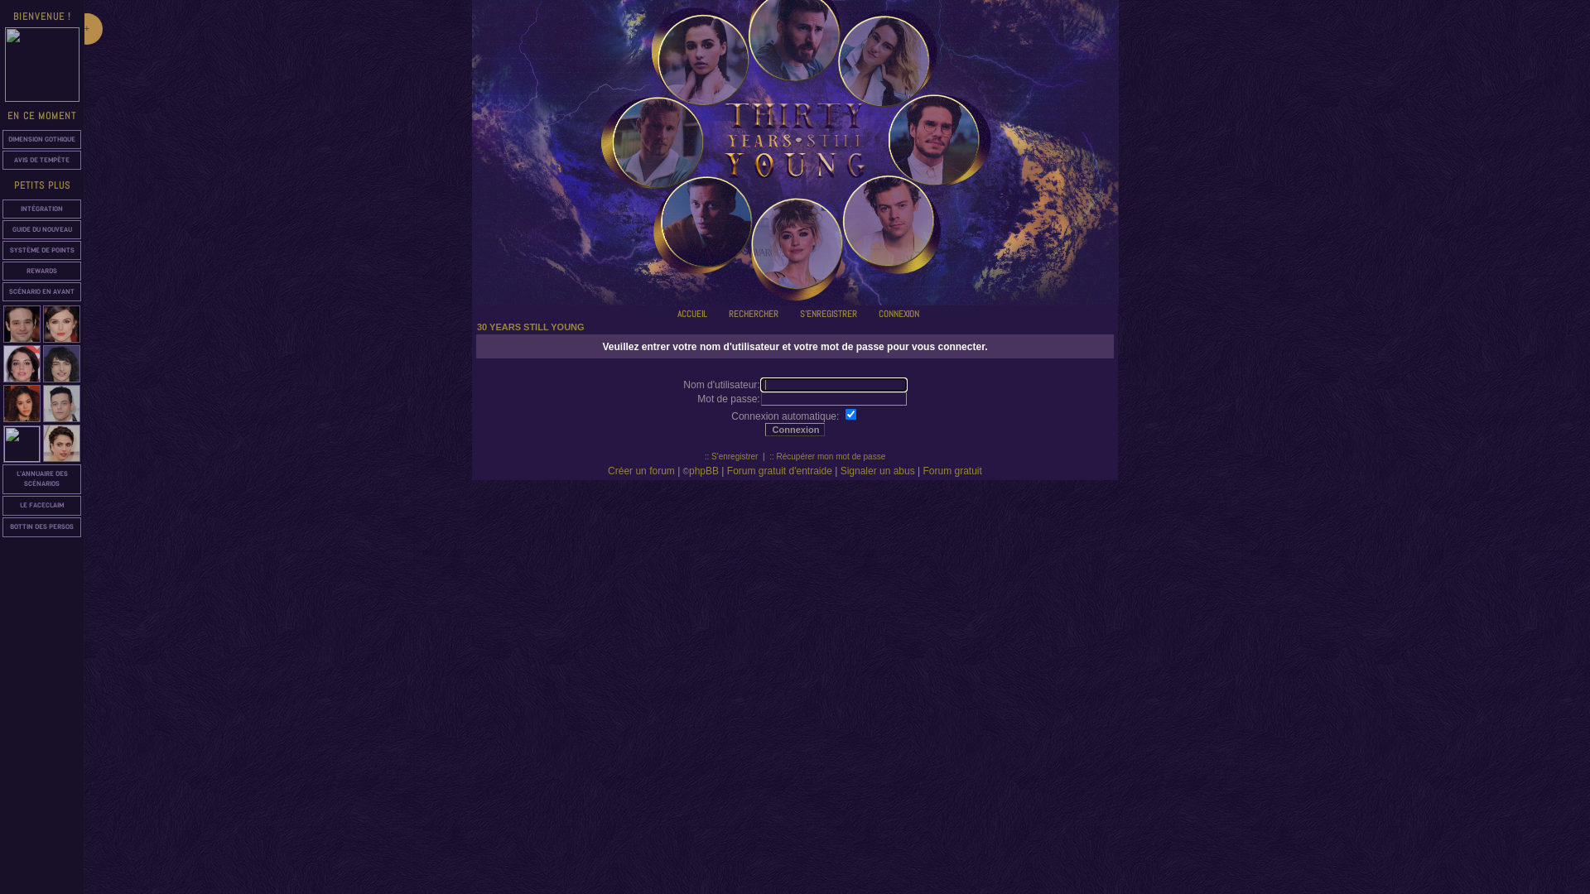  What do you see at coordinates (688, 471) in the screenshot?
I see `'phpBB'` at bounding box center [688, 471].